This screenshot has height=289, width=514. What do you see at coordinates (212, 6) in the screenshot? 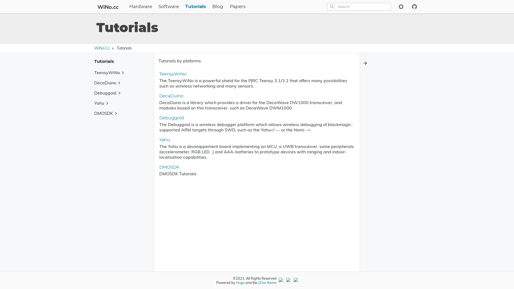
I see `'Blog'` at bounding box center [212, 6].